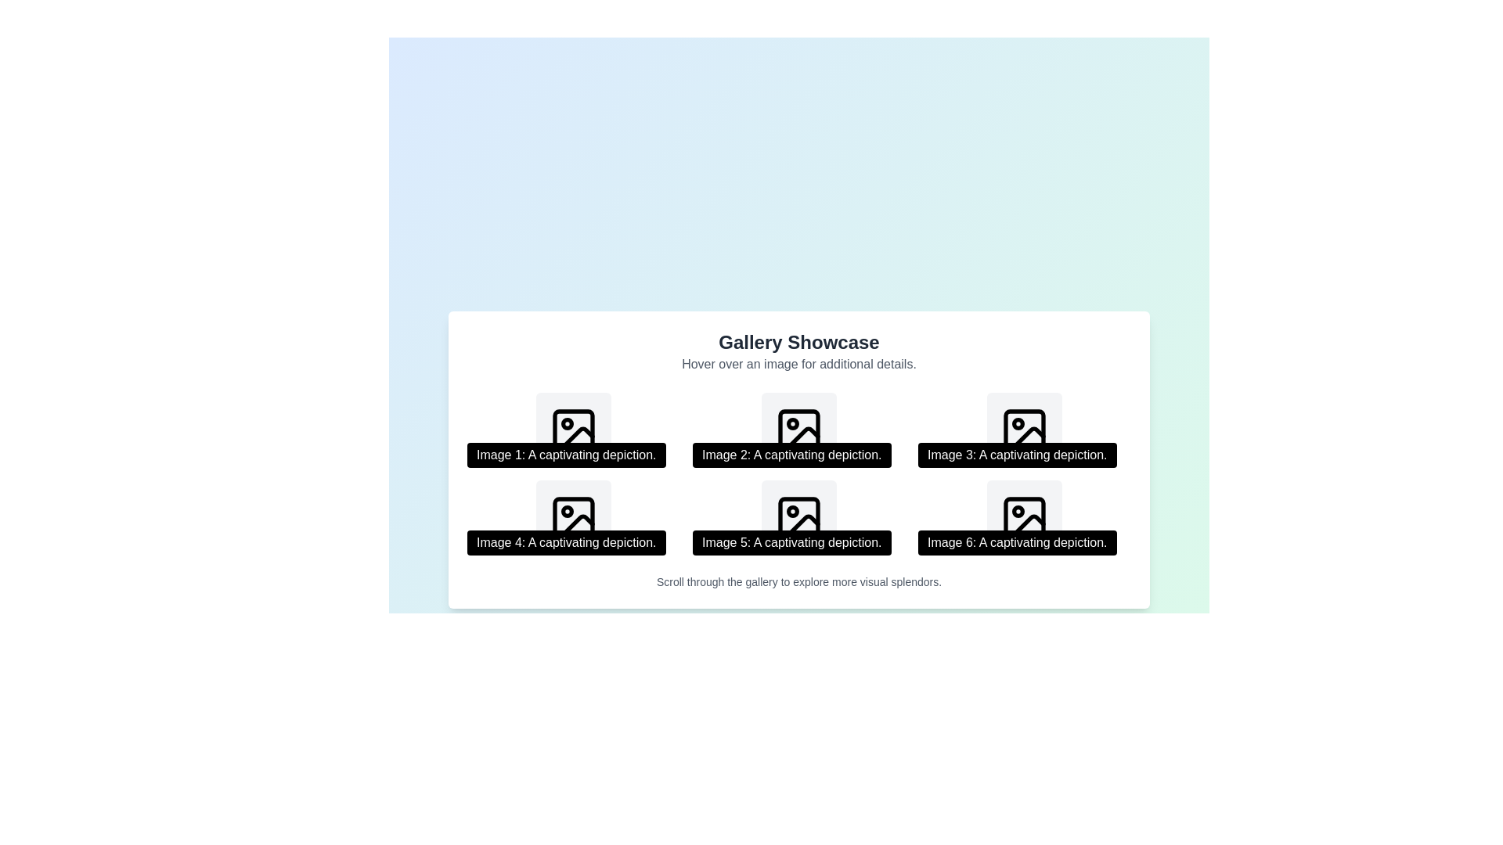 Image resolution: width=1503 pixels, height=845 pixels. I want to click on the decorative graphical component, a small rectangle with rounded corners, located inside the third image icon in the first row of the gallery grid, so click(1025, 430).